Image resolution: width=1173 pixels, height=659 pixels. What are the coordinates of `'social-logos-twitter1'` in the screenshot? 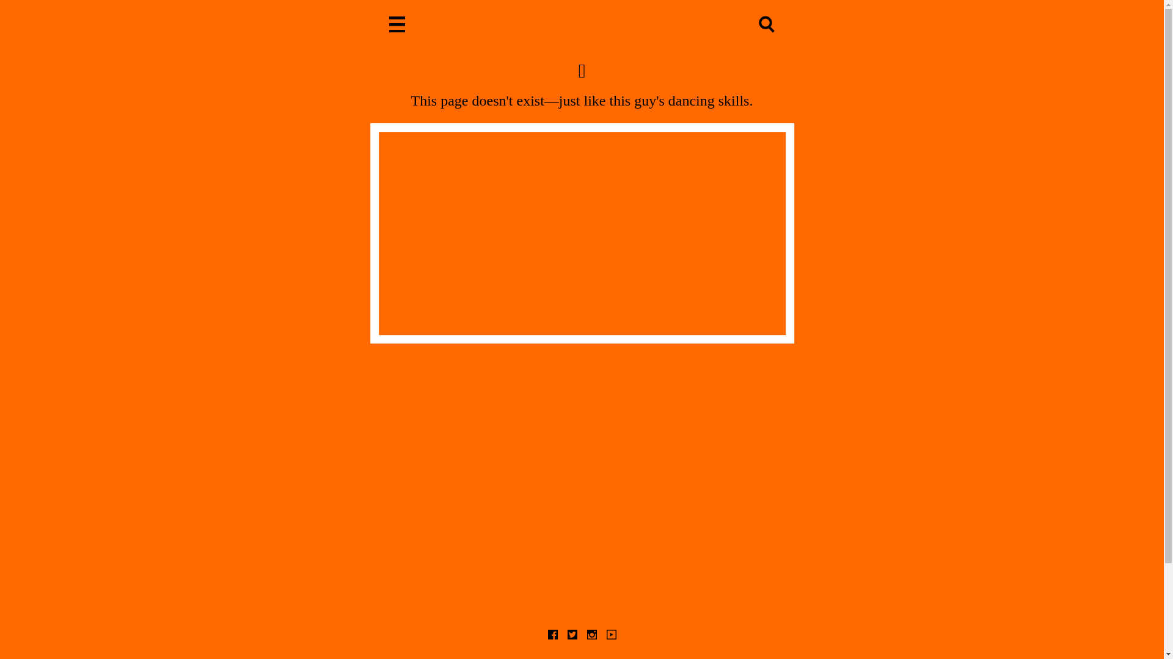 It's located at (571, 635).